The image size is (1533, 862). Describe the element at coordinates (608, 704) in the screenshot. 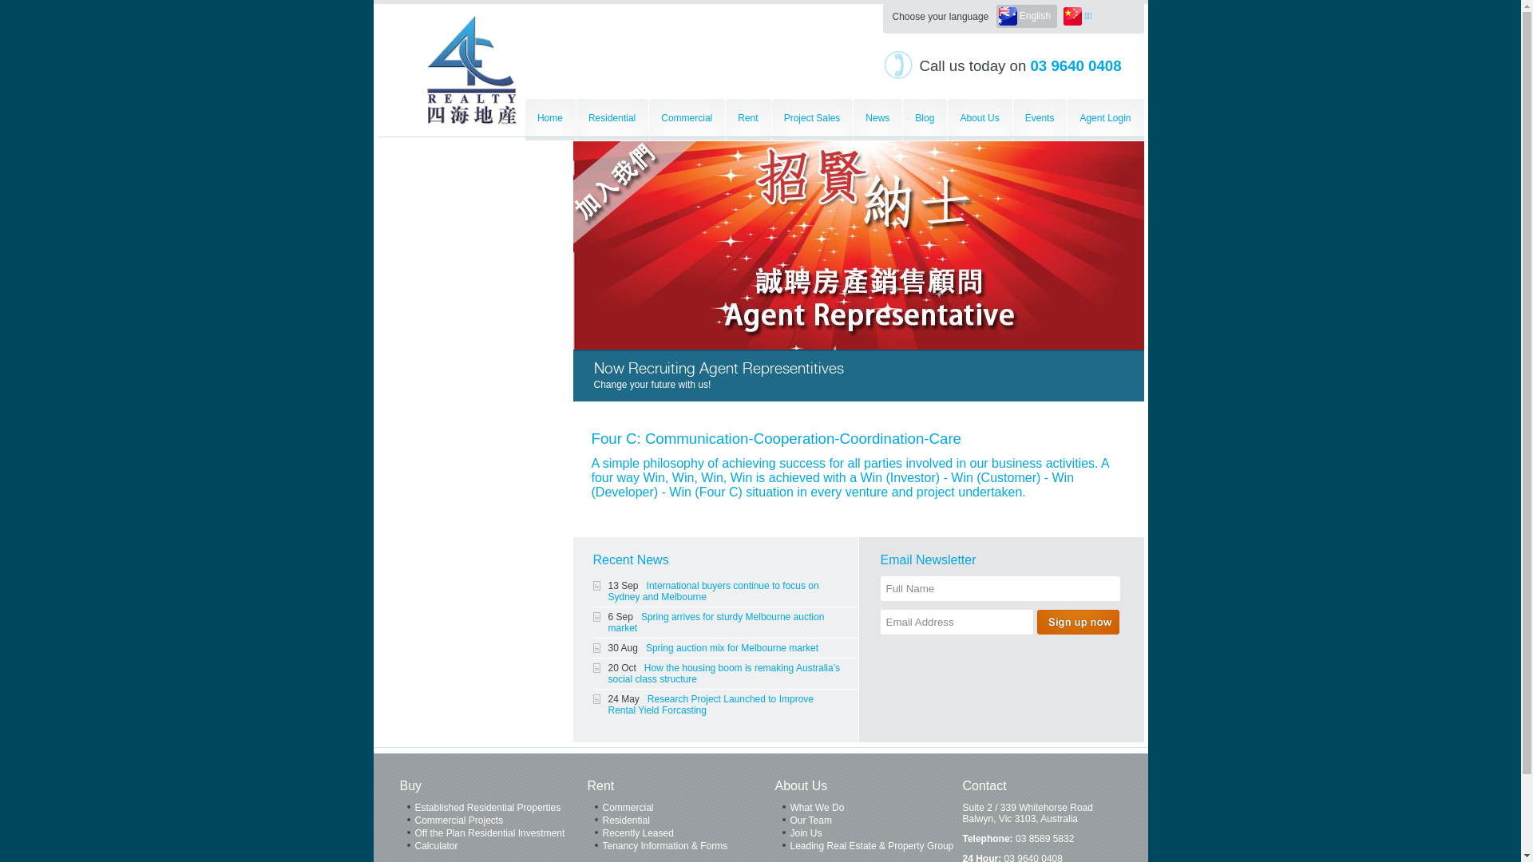

I see `'Research Project Launched to Improve Rental Yield Forcasting'` at that location.